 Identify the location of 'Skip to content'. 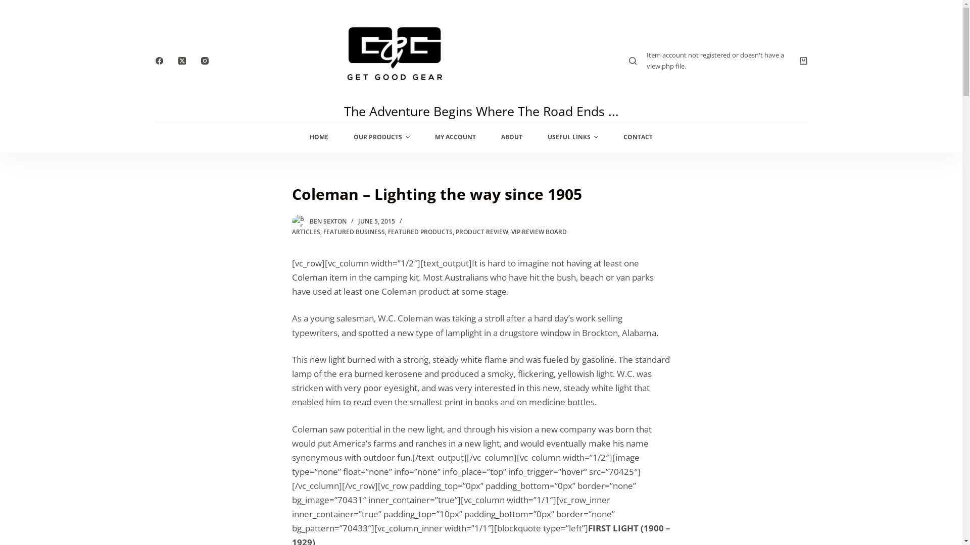
(10, 5).